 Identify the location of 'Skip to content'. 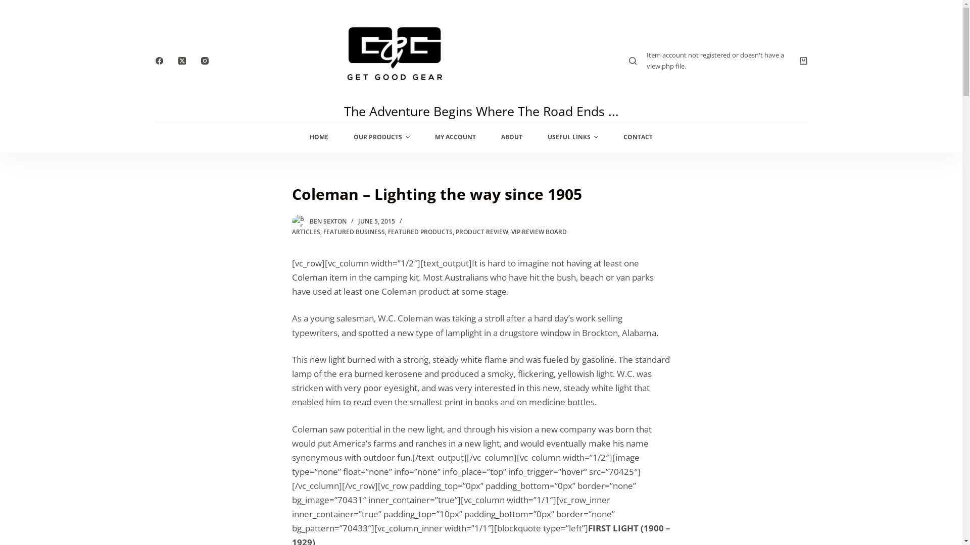
(10, 5).